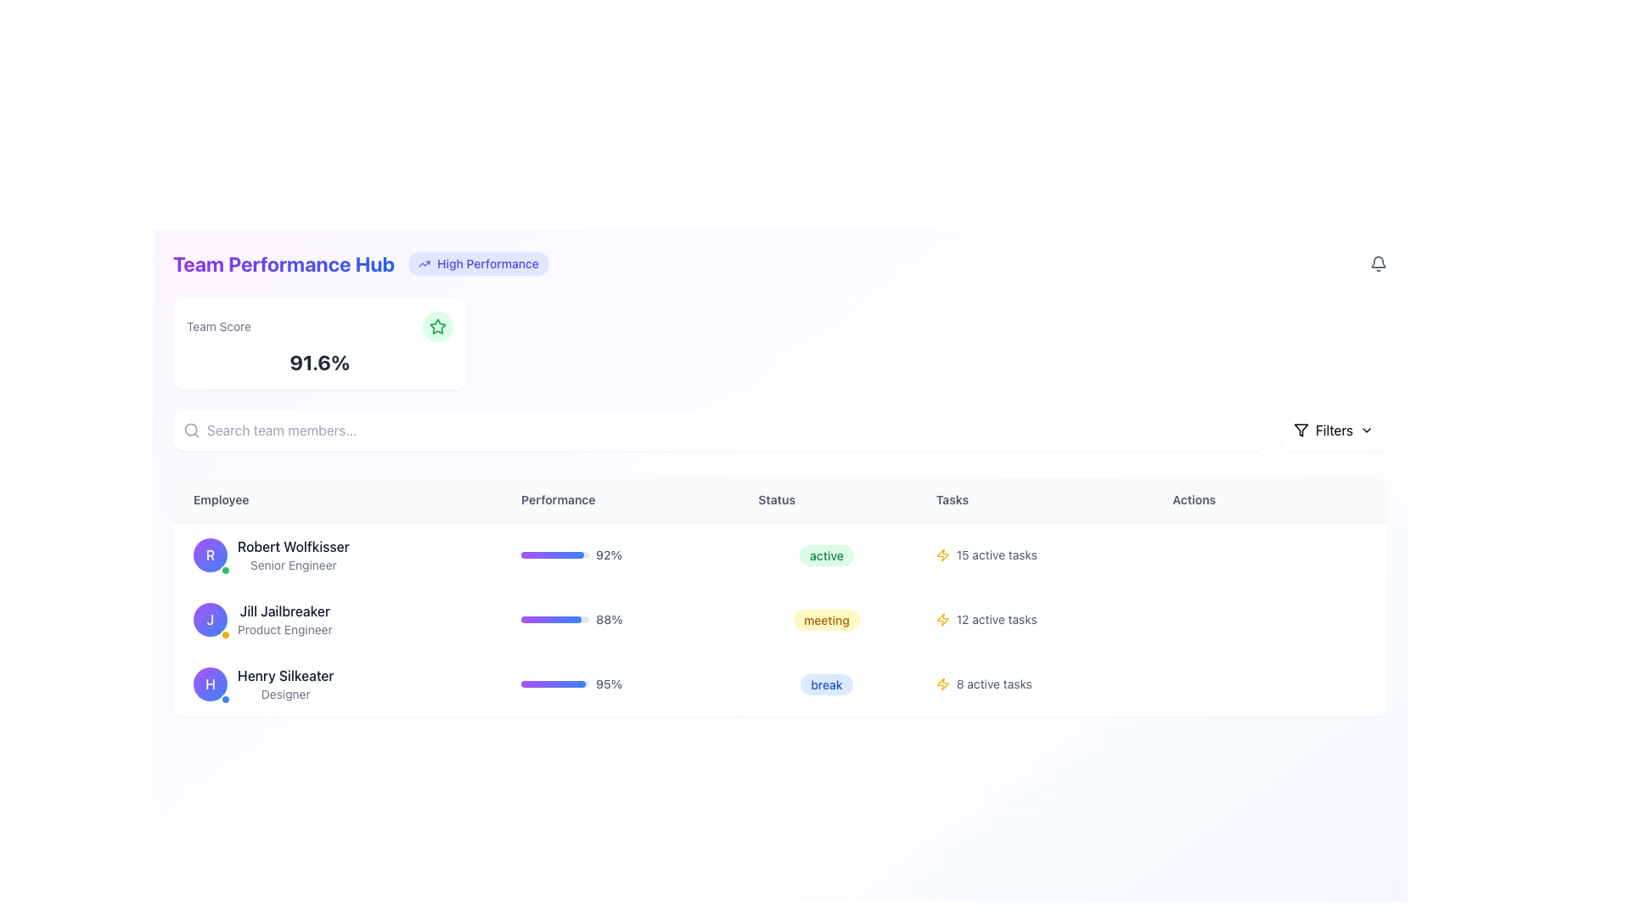  I want to click on the text display that shows the team score percentage, located centrally within the 'Team Score' card, below the 'Team Score' label and to the left of the green star icon, so click(319, 362).